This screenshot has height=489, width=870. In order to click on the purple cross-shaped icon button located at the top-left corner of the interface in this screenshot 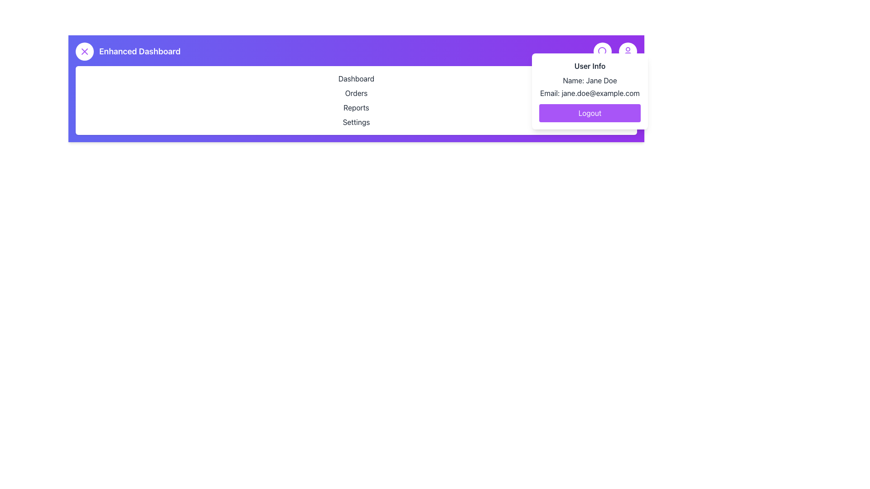, I will do `click(85, 52)`.